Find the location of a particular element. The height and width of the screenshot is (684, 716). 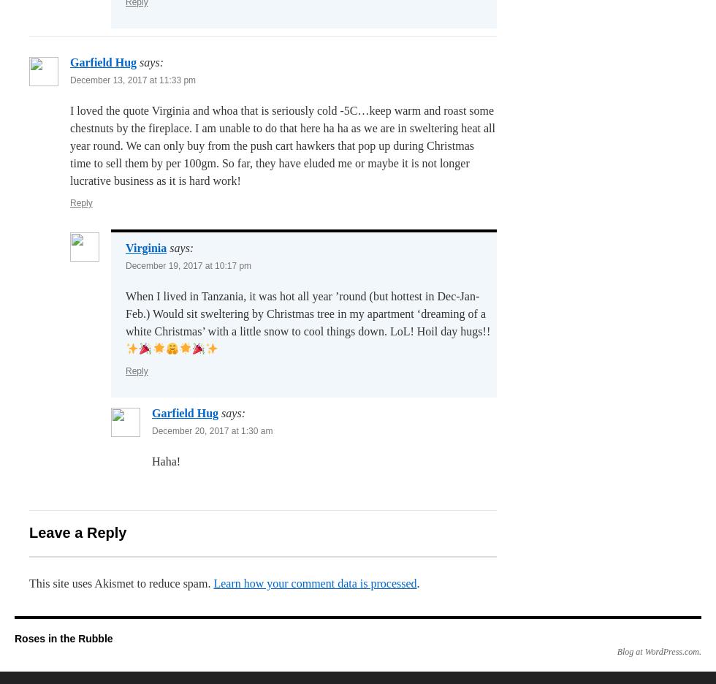

'December 13, 2017 at 11:33 pm' is located at coordinates (132, 79).